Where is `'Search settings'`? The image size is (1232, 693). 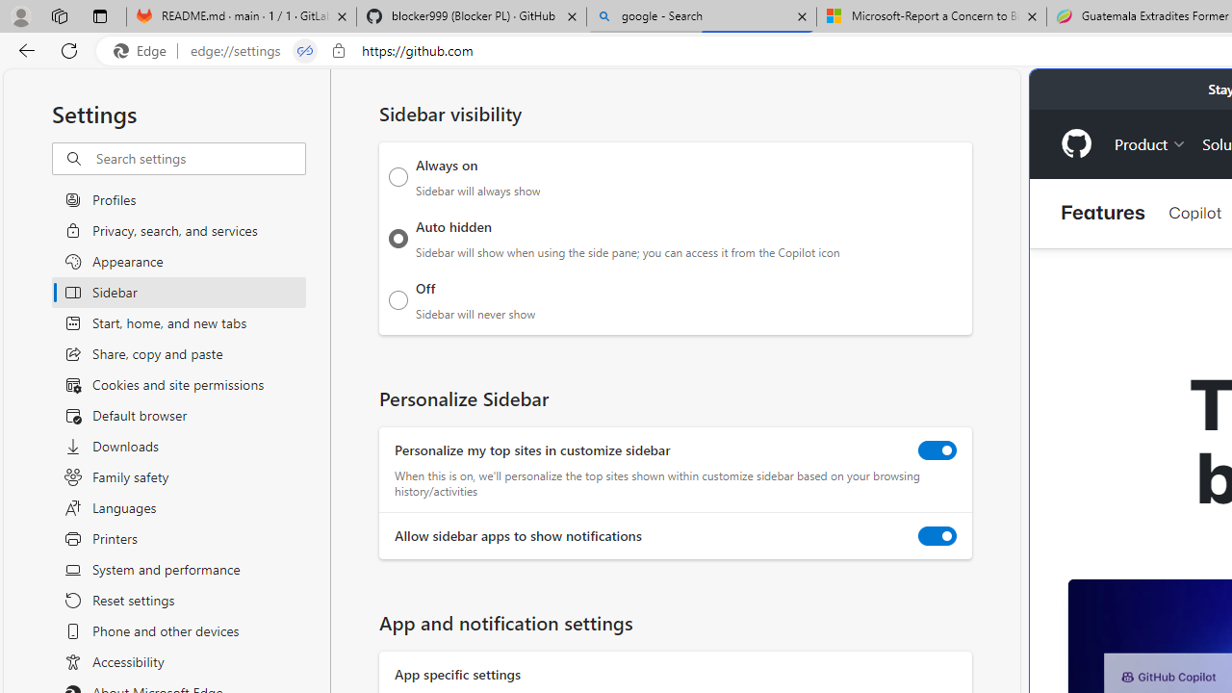 'Search settings' is located at coordinates (200, 158).